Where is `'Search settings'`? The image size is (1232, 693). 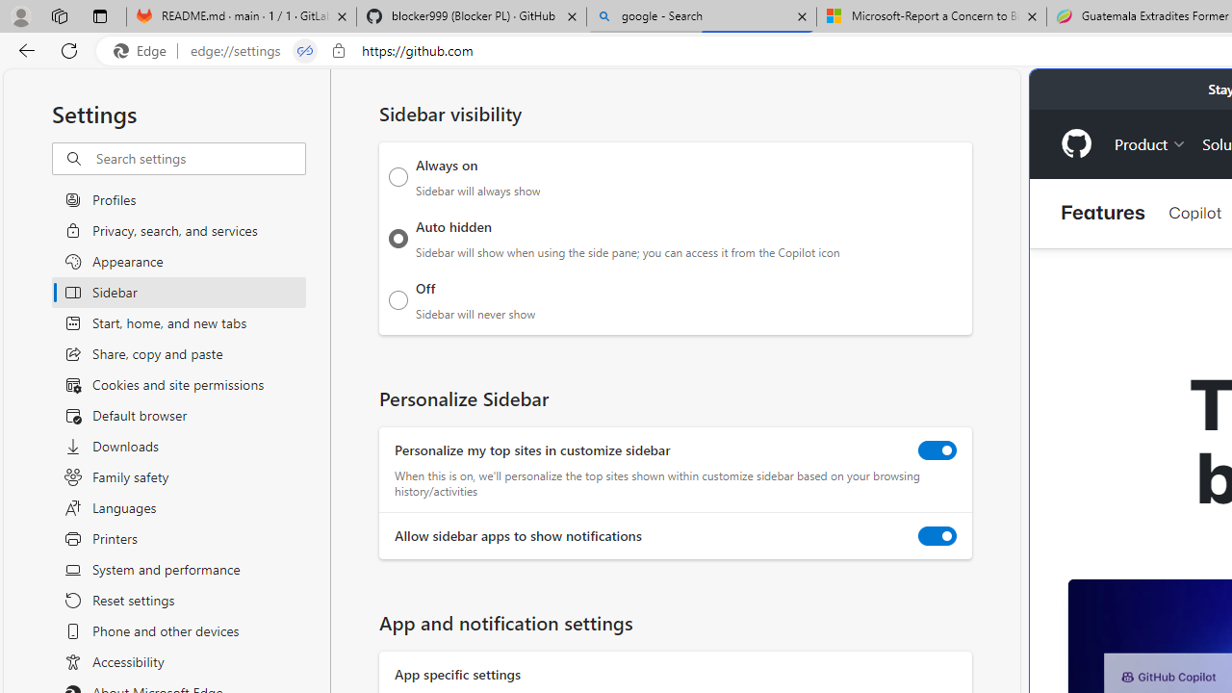 'Search settings' is located at coordinates (200, 158).